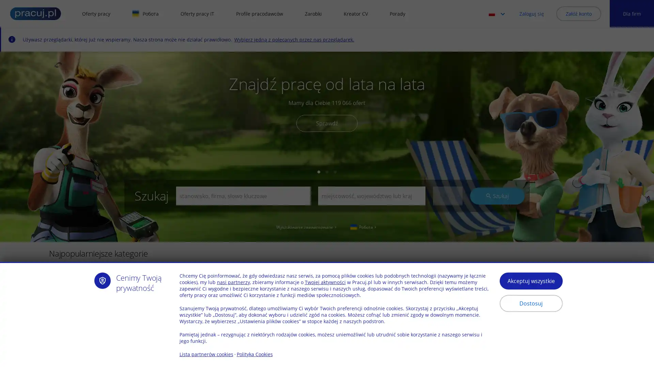  I want to click on ZAPISANE, so click(153, 334).